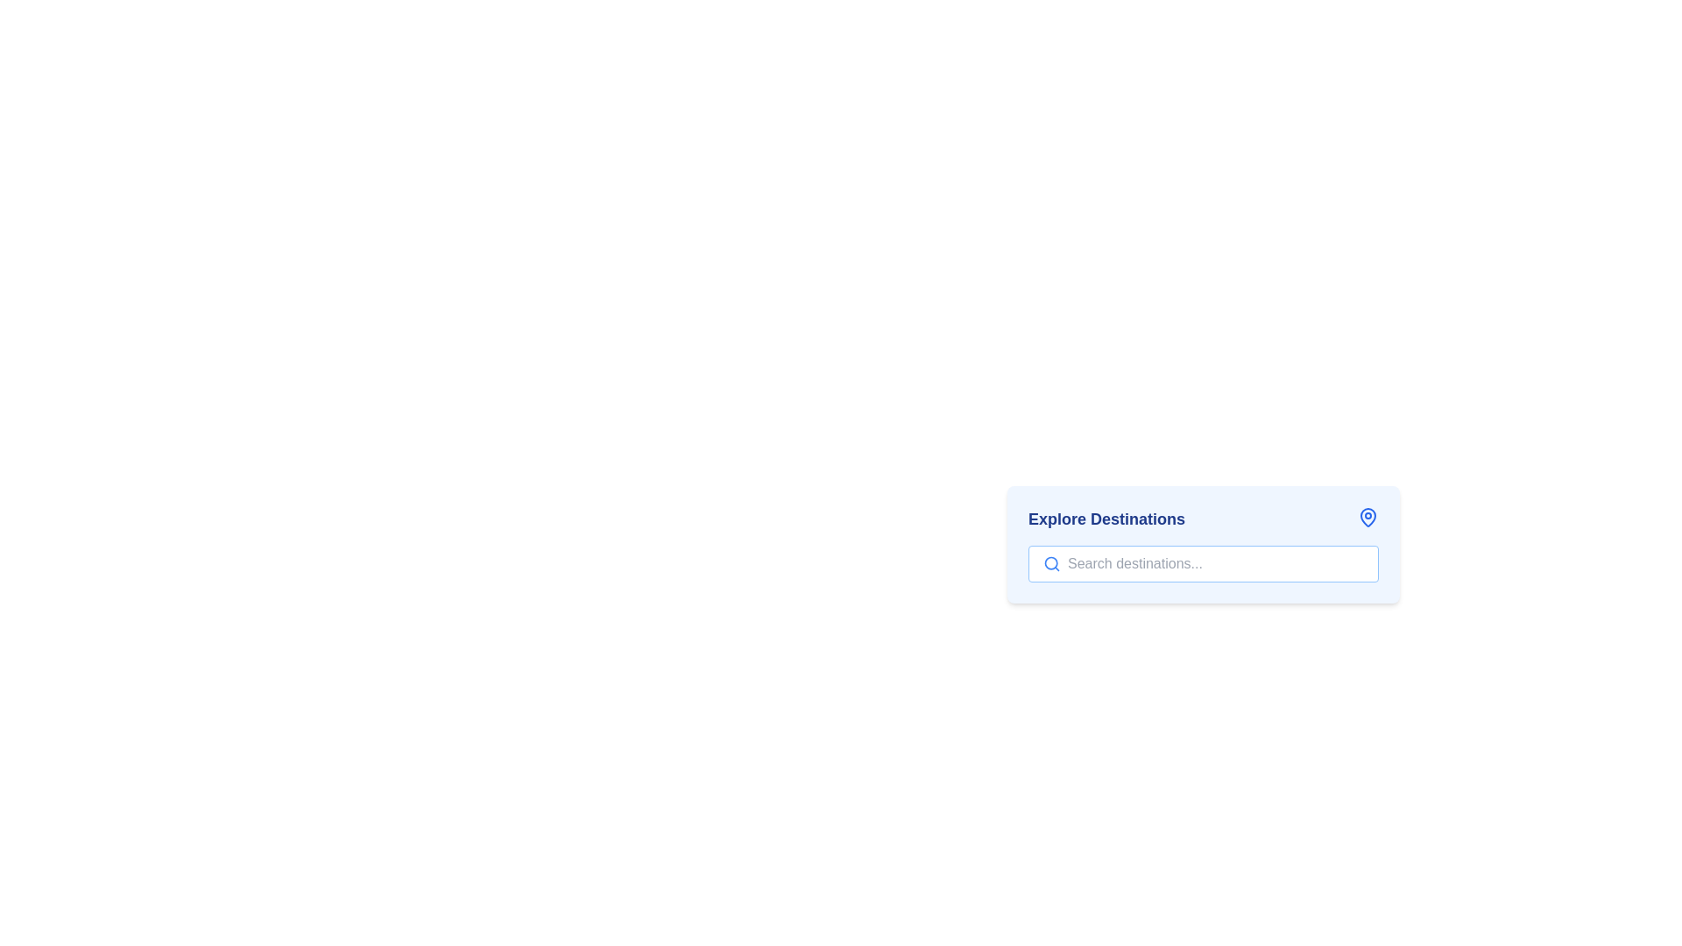 Image resolution: width=1682 pixels, height=946 pixels. I want to click on the circular blue graphical component of the magnifying glass icon within the 'Explore Destinations' section, so click(1051, 563).